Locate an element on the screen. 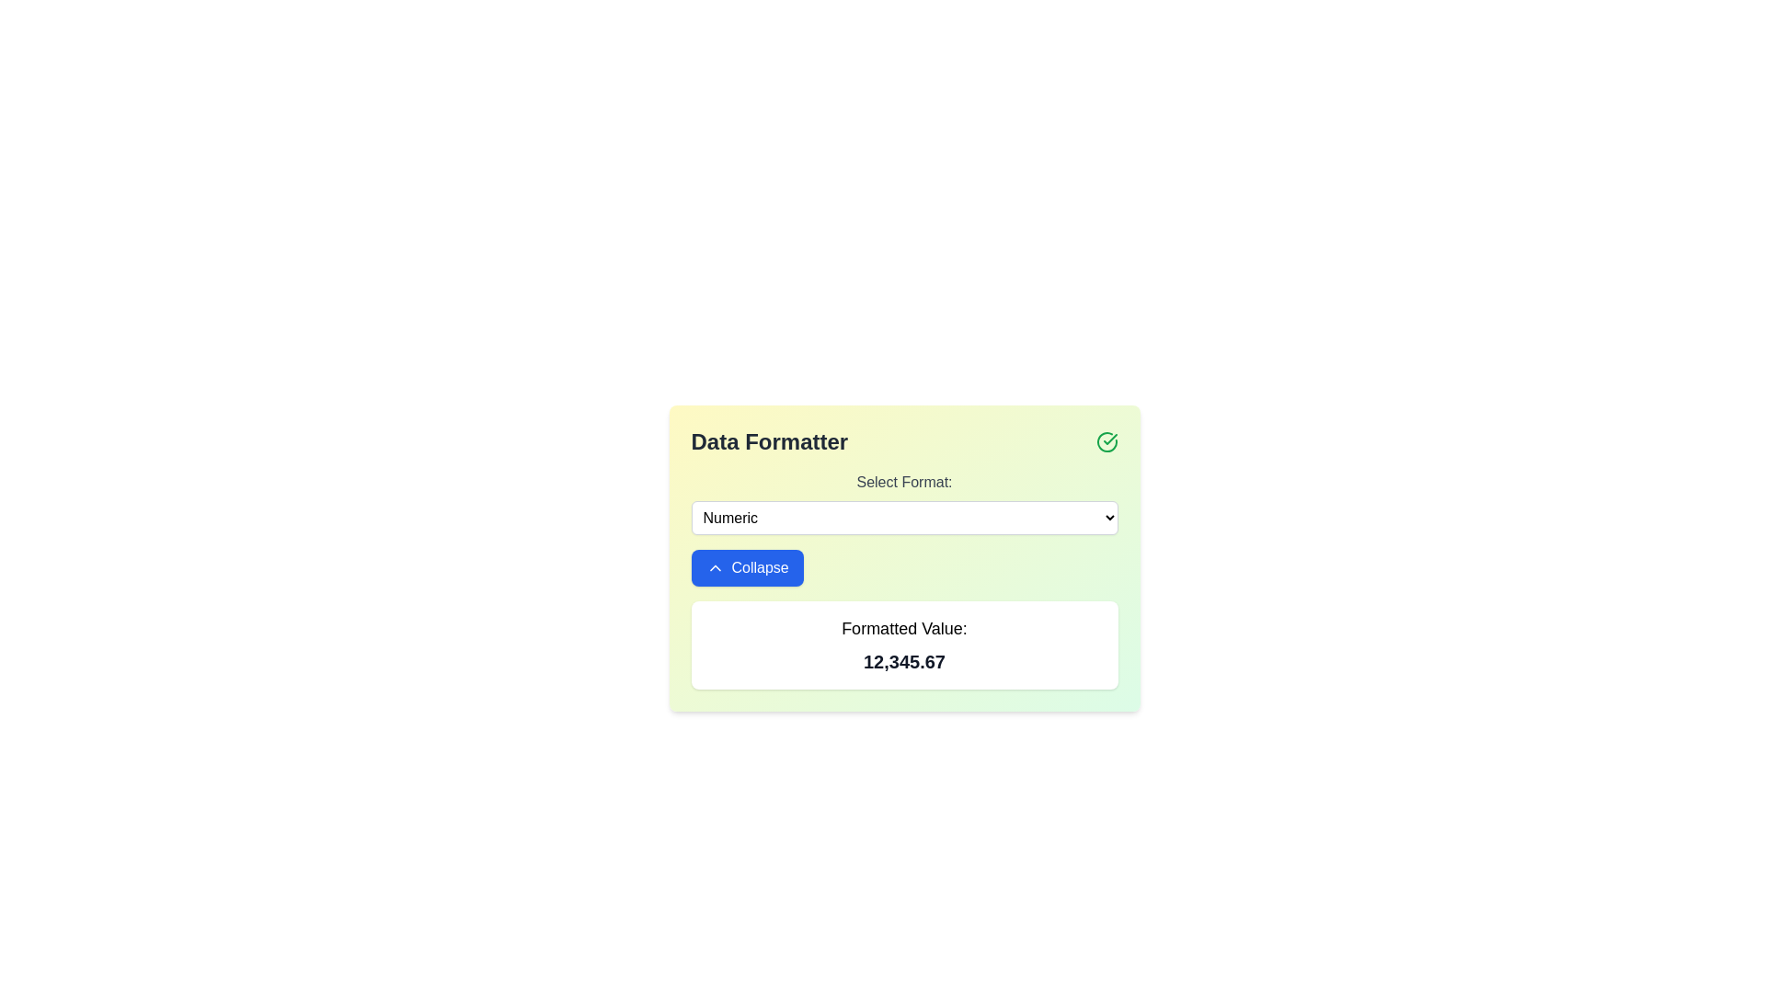  an option from the dropdown menu labeled 'Select Format:' which is located in the 'Data Formatter' card, directly below the header and above the 'Collapse' button is located at coordinates (904, 503).